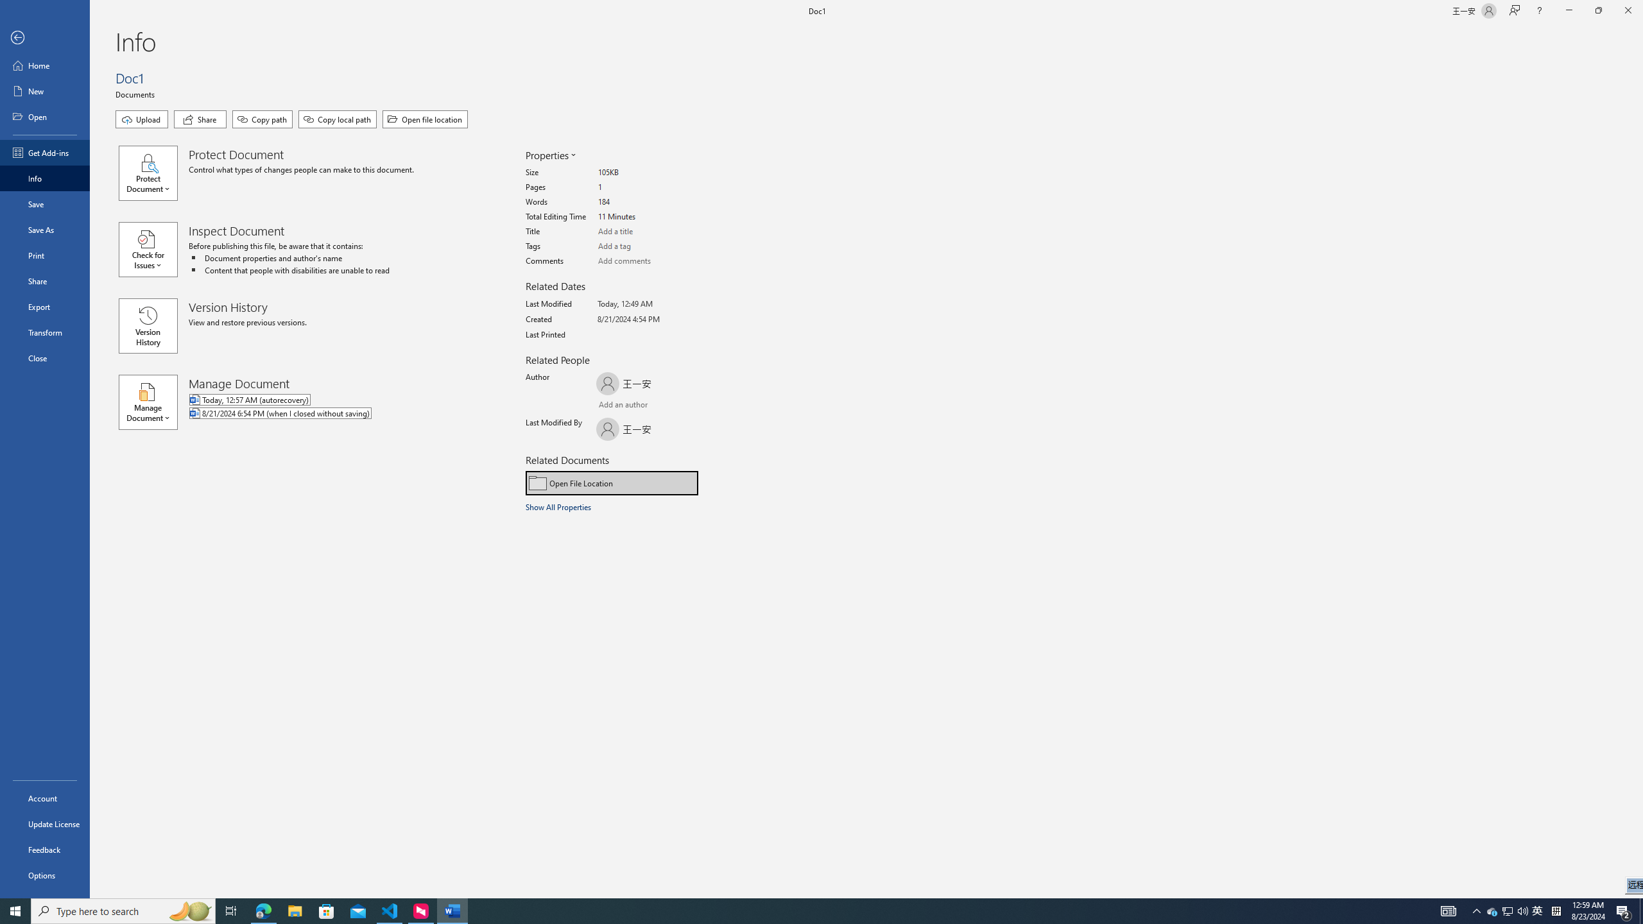 The width and height of the screenshot is (1643, 924). I want to click on 'Options', so click(44, 875).